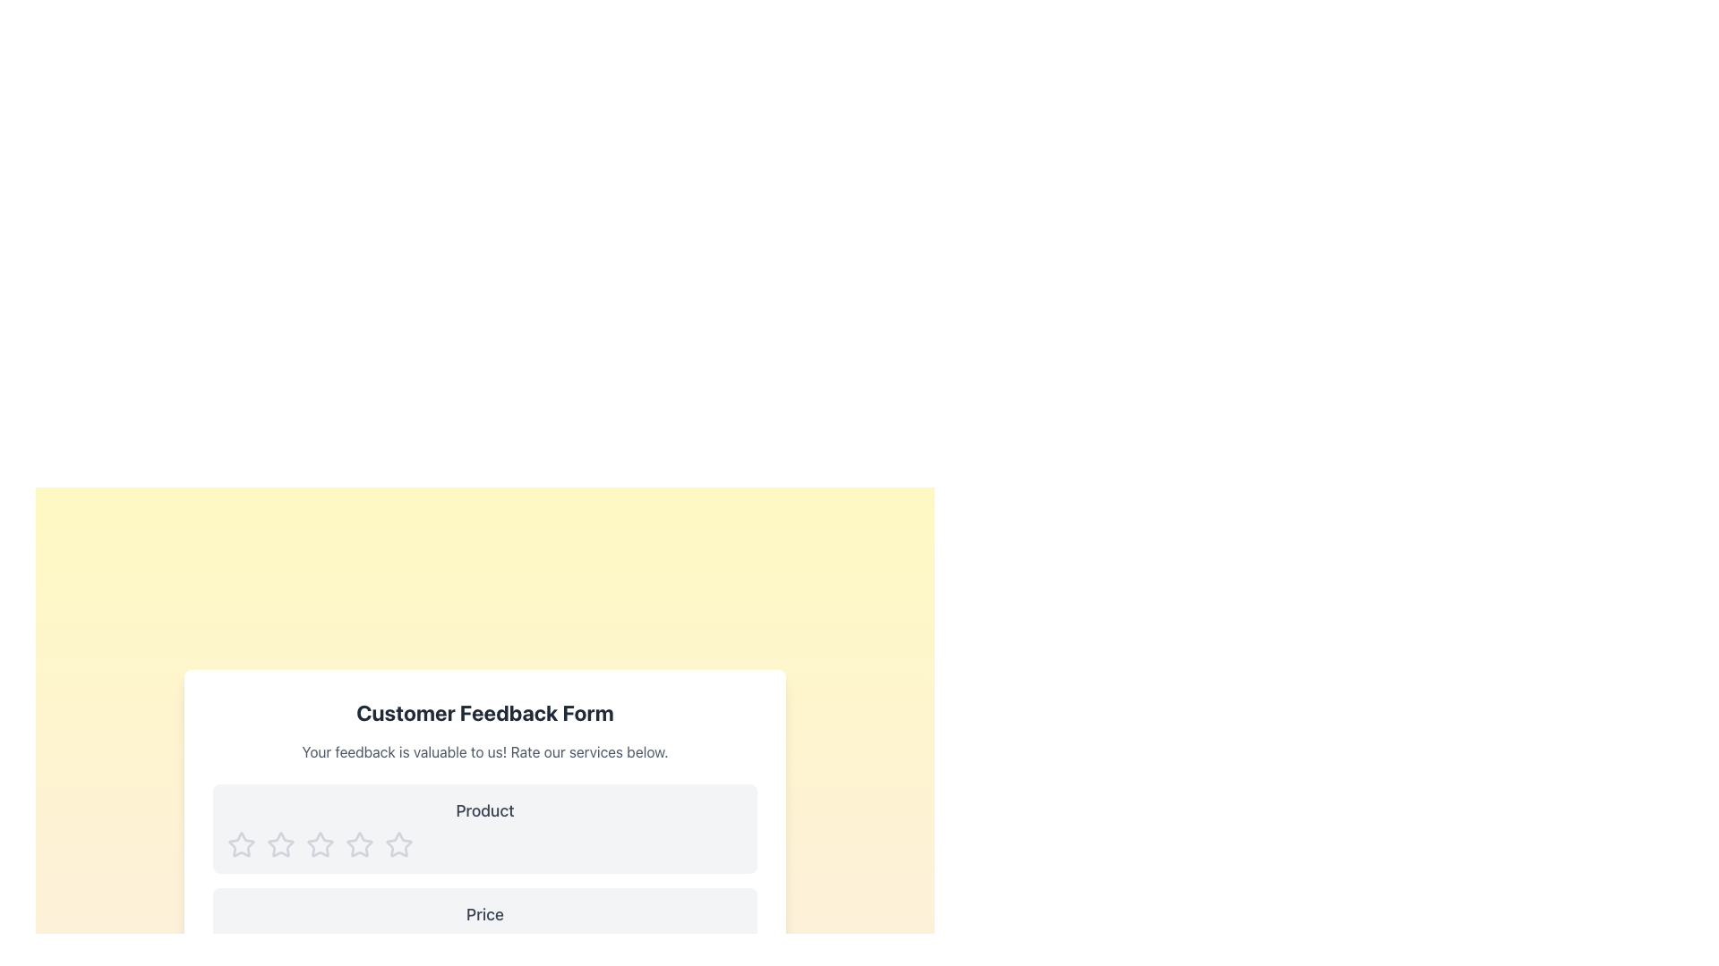 This screenshot has width=1719, height=966. I want to click on the first star icon in the horizontal row of star icons under the 'Product' rating section of the feedback form, so click(240, 845).